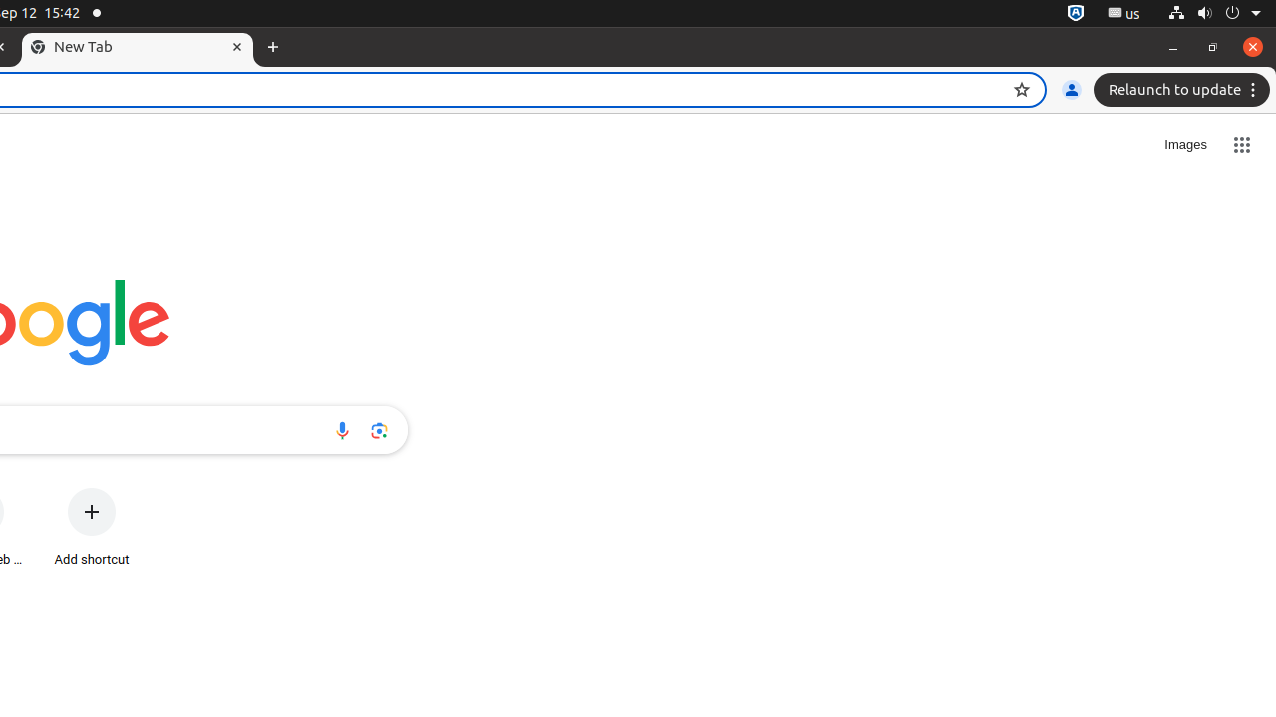 Image resolution: width=1276 pixels, height=717 pixels. What do you see at coordinates (1022, 90) in the screenshot?
I see `'Bookmark this tab'` at bounding box center [1022, 90].